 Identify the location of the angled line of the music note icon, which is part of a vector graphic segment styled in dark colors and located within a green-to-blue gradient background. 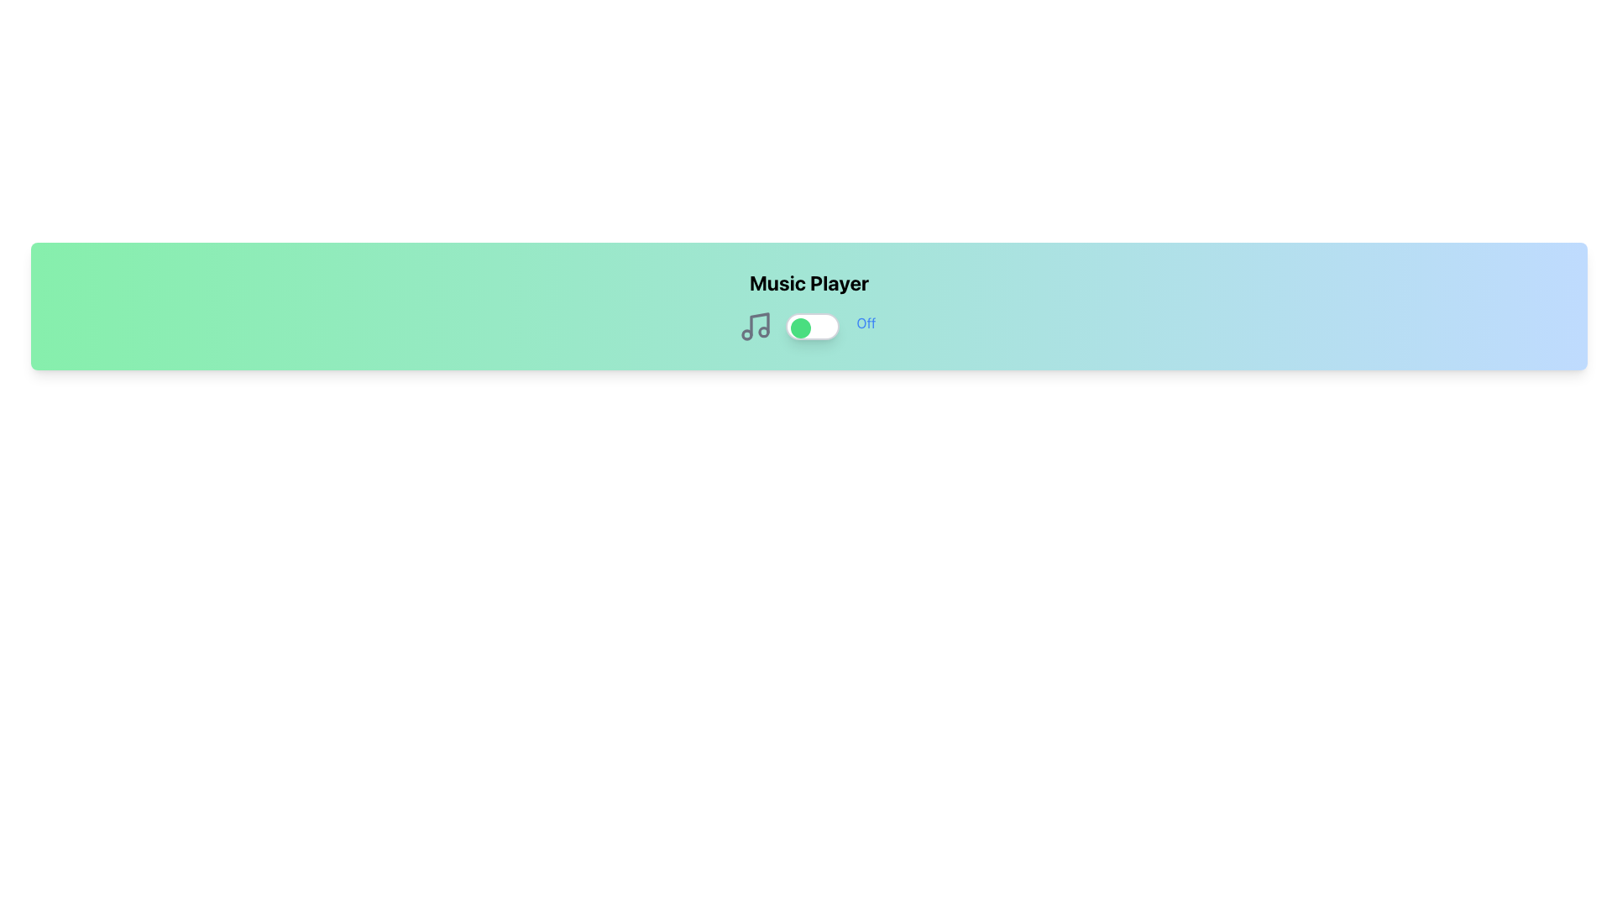
(759, 324).